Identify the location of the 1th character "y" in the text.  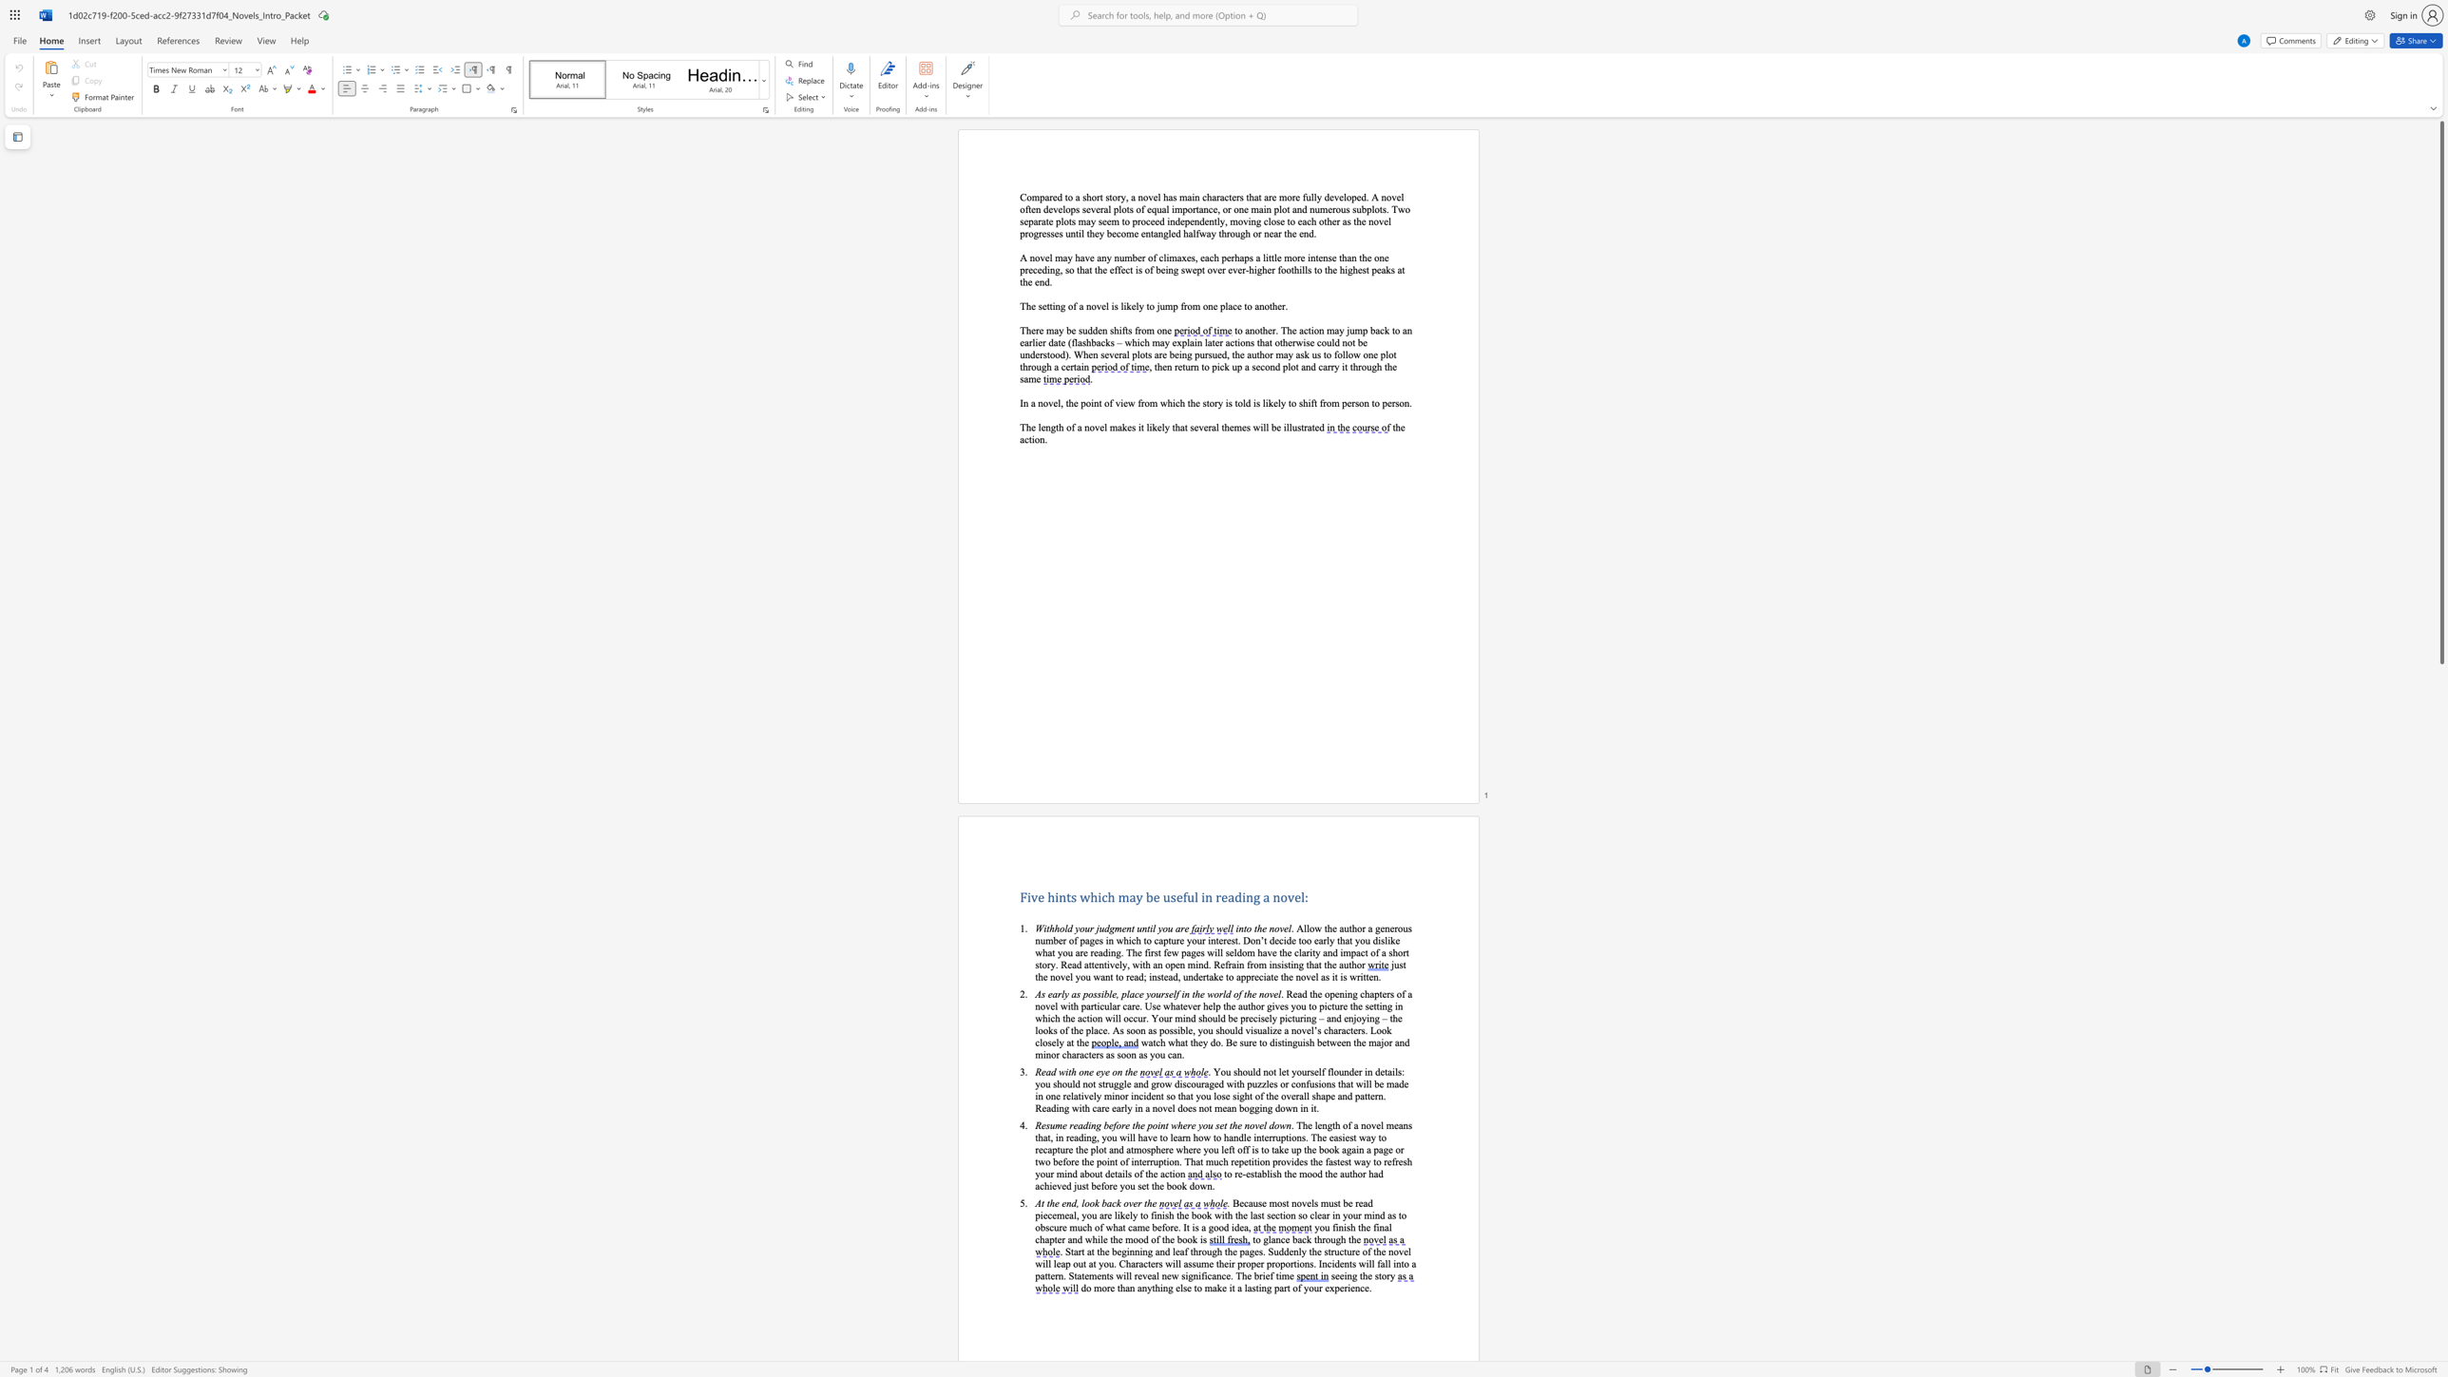
(1102, 1072).